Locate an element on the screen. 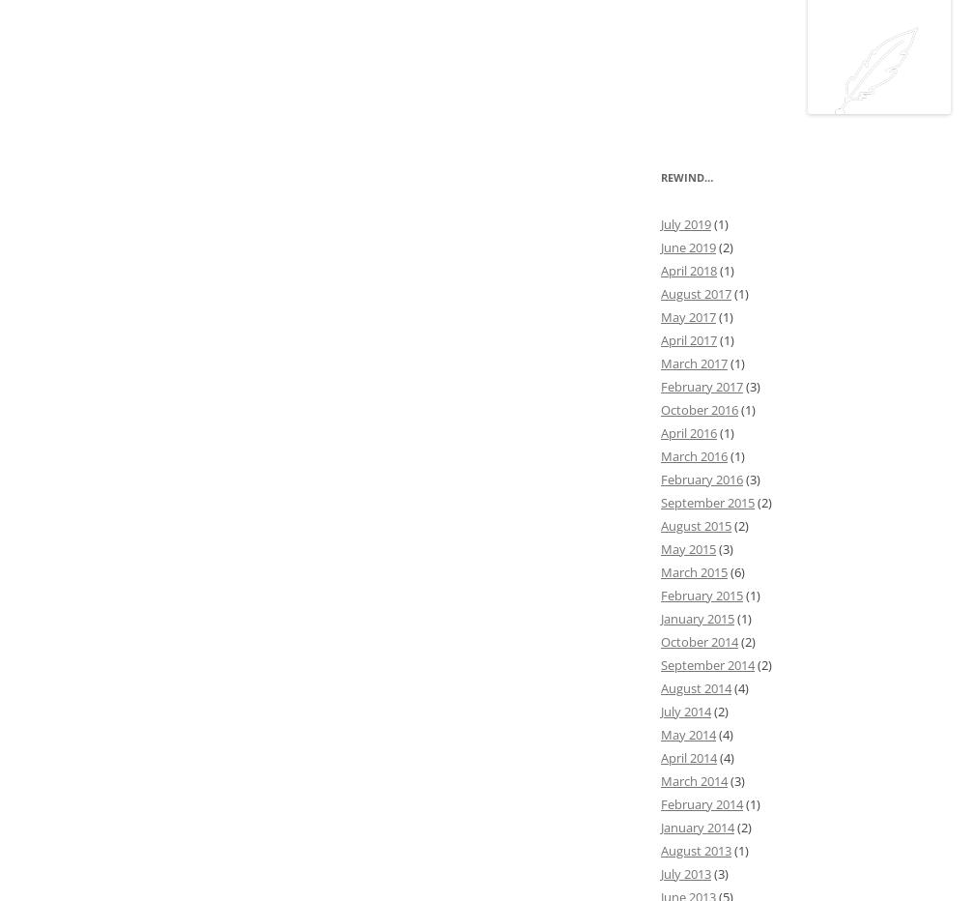 The width and height of the screenshot is (974, 901). 'September 2015' is located at coordinates (661, 501).